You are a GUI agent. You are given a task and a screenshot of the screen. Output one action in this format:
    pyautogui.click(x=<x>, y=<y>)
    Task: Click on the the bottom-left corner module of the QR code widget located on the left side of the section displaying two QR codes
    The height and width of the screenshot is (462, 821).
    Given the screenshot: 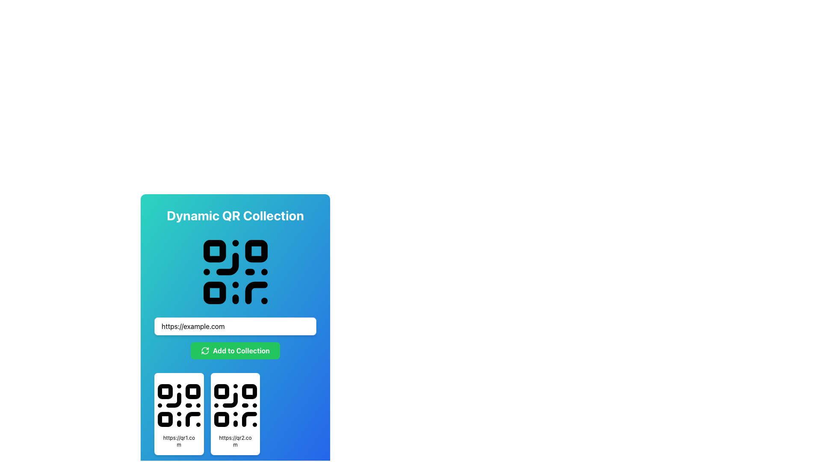 What is the action you would take?
    pyautogui.click(x=165, y=419)
    